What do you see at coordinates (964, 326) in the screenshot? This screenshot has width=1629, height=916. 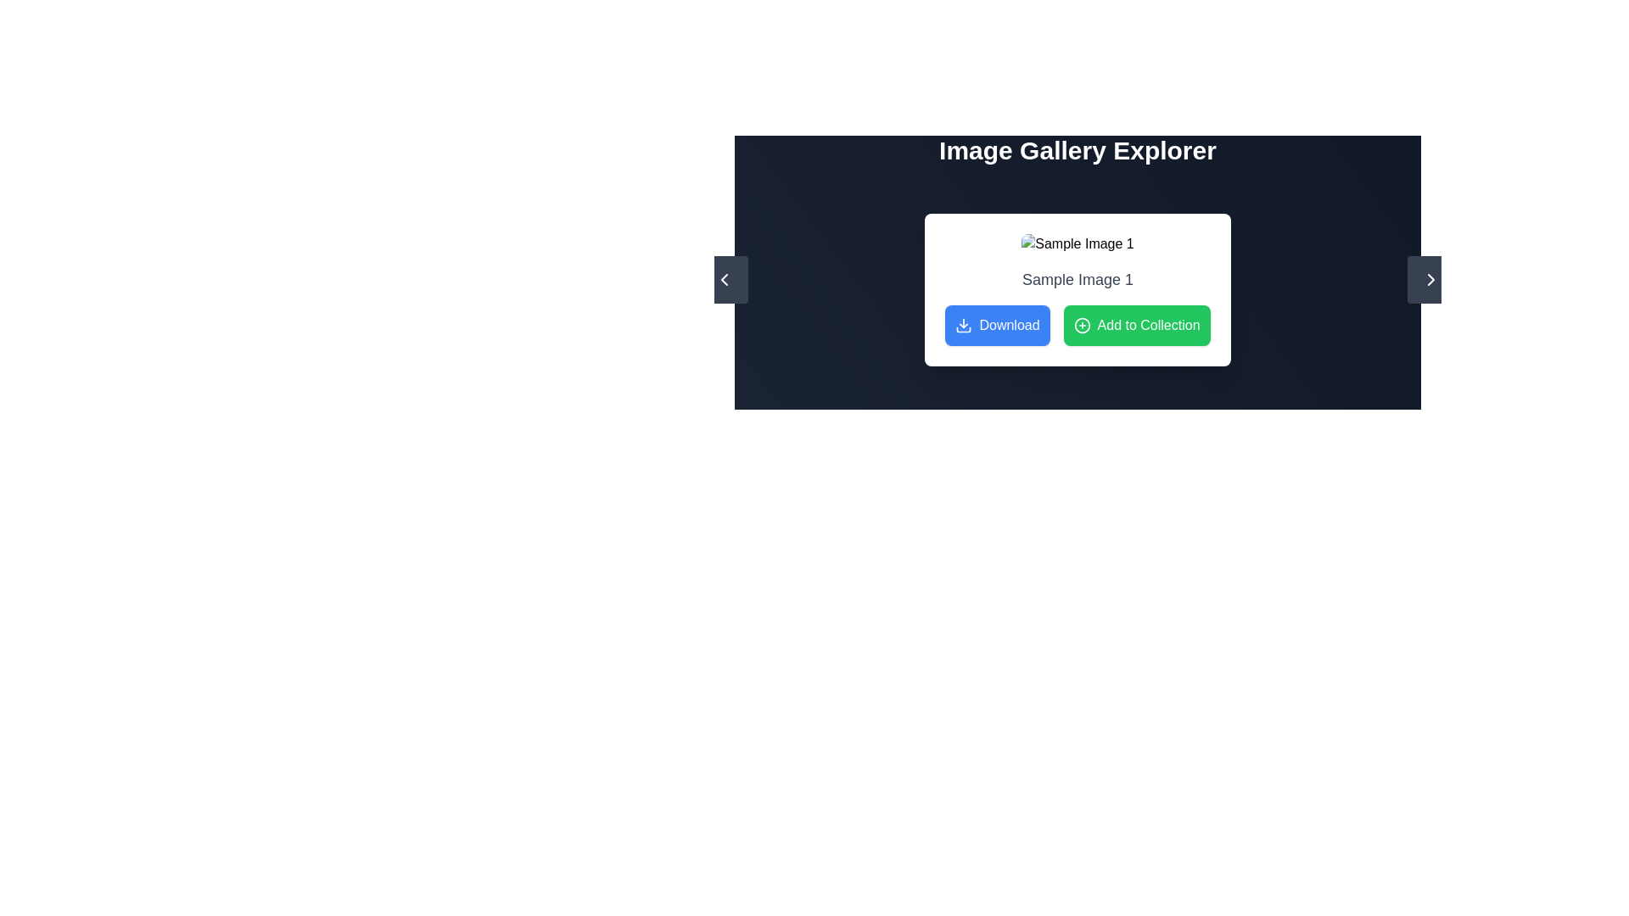 I see `the 'Download' button which contains the download icon to initiate the download action` at bounding box center [964, 326].